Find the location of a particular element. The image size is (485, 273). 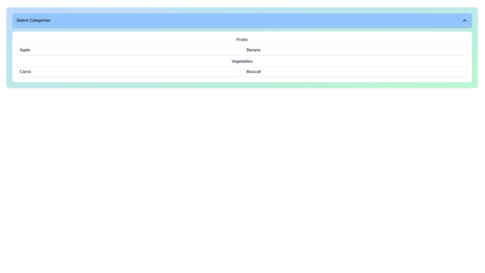

the 'Vegetables' text label, which is a bold dark gray font positioned centrally between 'Fruits' and a grid of 'Carrot' and 'Broccoli' is located at coordinates (242, 61).